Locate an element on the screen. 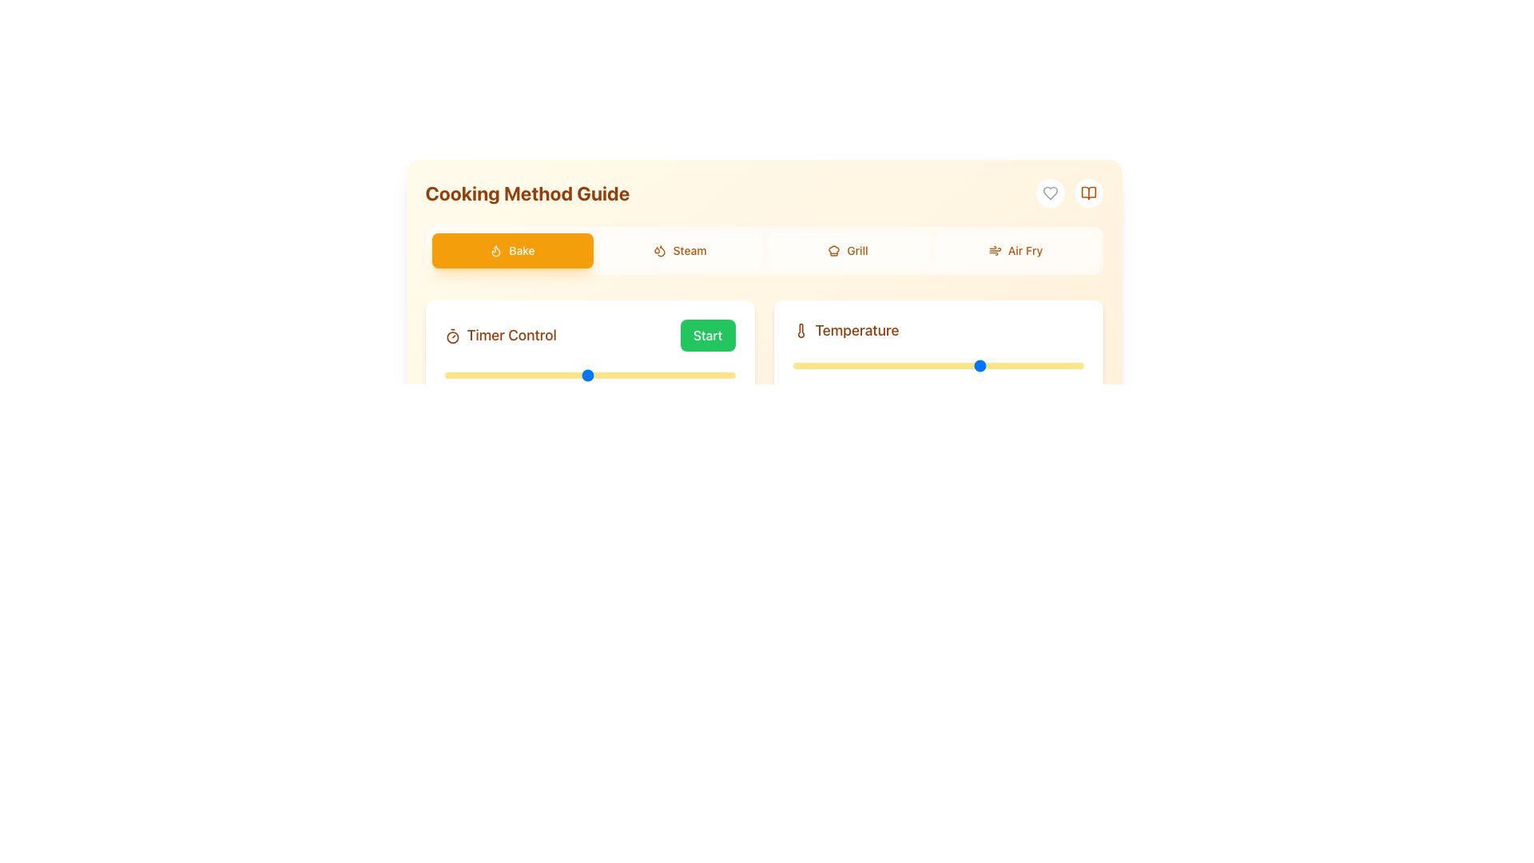  the 'Steam' button, which is a rectangular button with amber text and a steam icon, located between the 'Bake' and 'Grill' buttons is located at coordinates (680, 250).